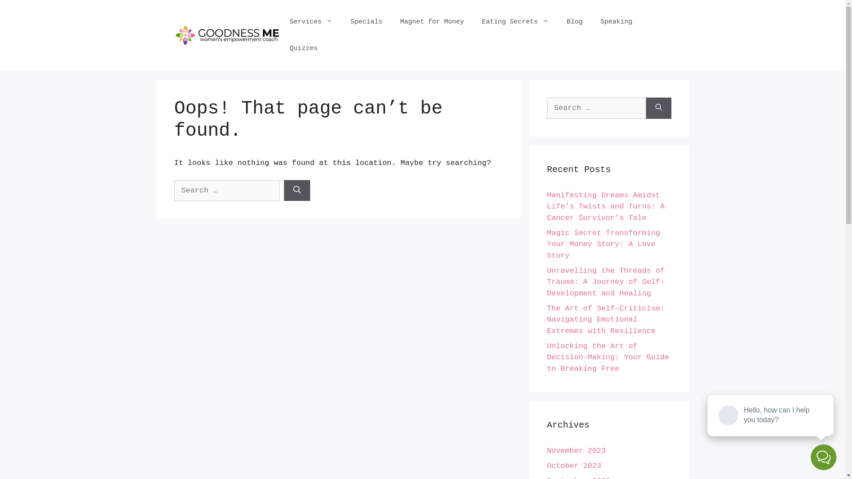 The image size is (852, 479). I want to click on 'Eating Secrets', so click(472, 22).